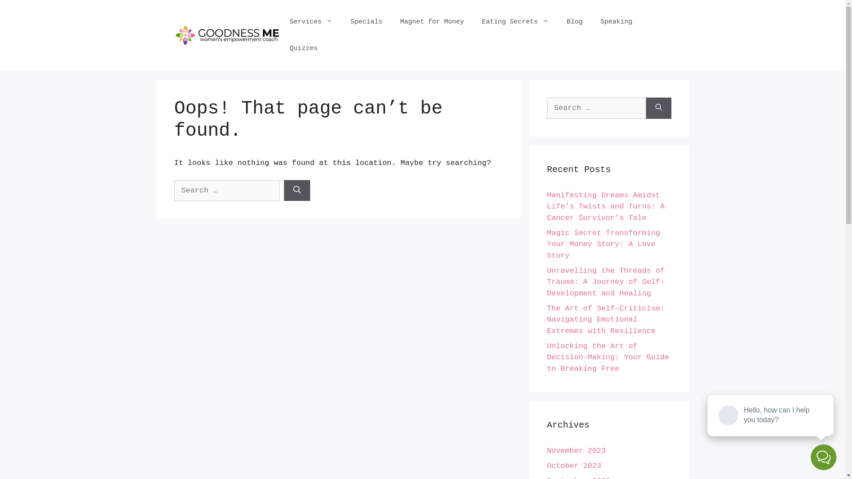 The image size is (852, 479). I want to click on 'Eating Secrets', so click(472, 22).